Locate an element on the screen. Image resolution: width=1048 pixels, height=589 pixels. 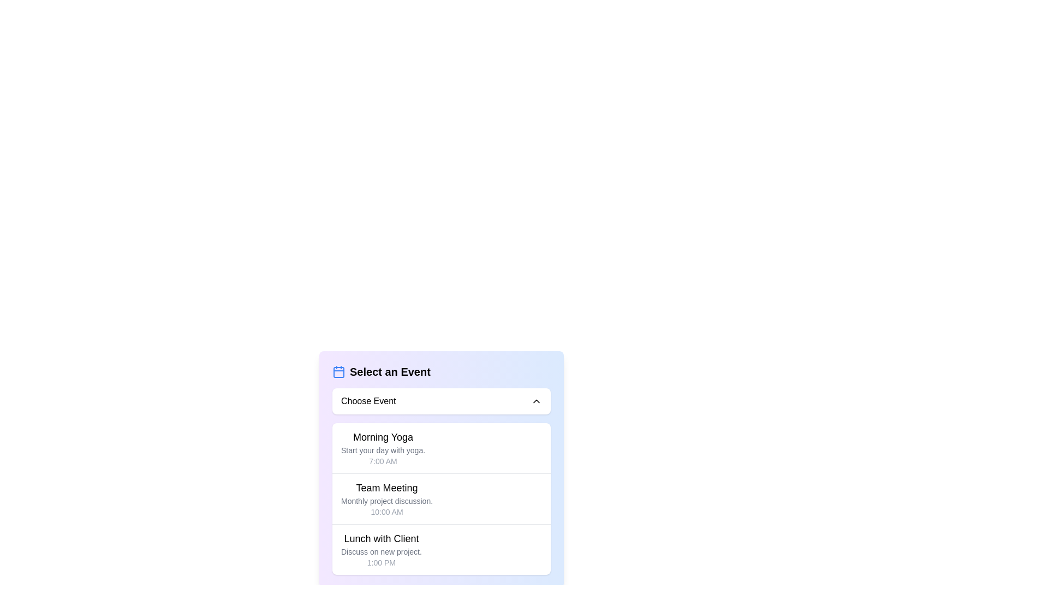
the text label that serves as a title or instruction for the dropdown is located at coordinates (390, 371).